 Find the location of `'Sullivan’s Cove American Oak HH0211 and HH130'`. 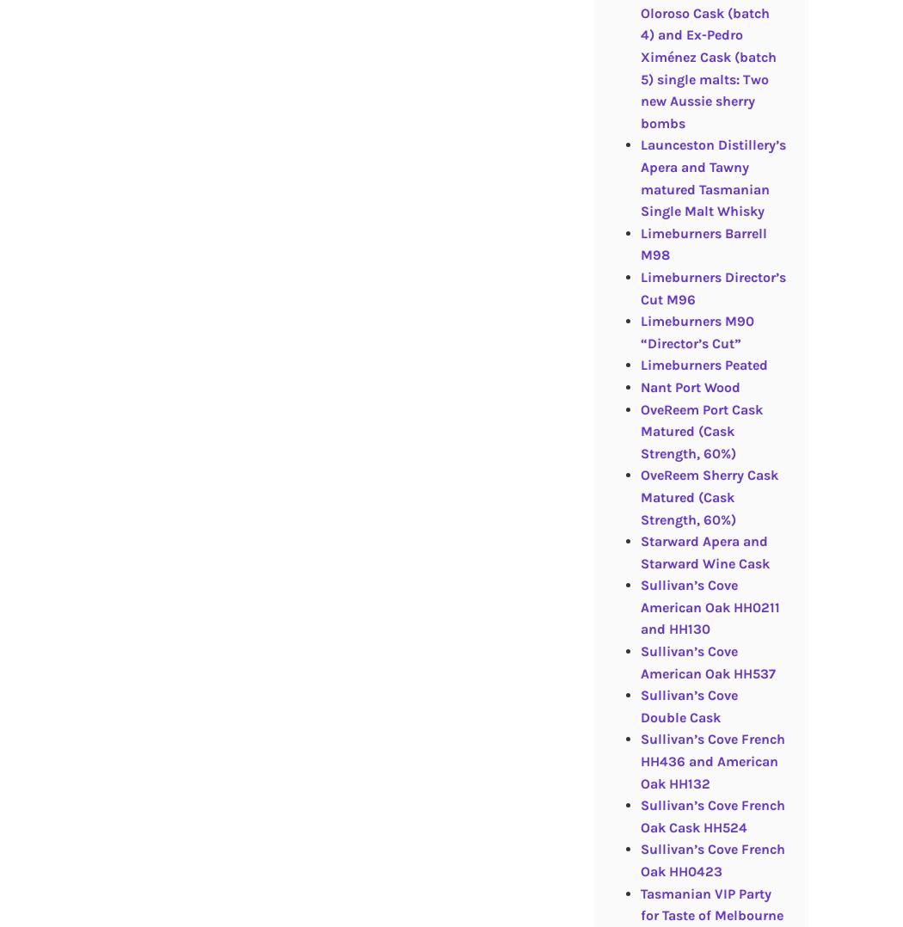

'Sullivan’s Cove American Oak HH0211 and HH130' is located at coordinates (639, 605).